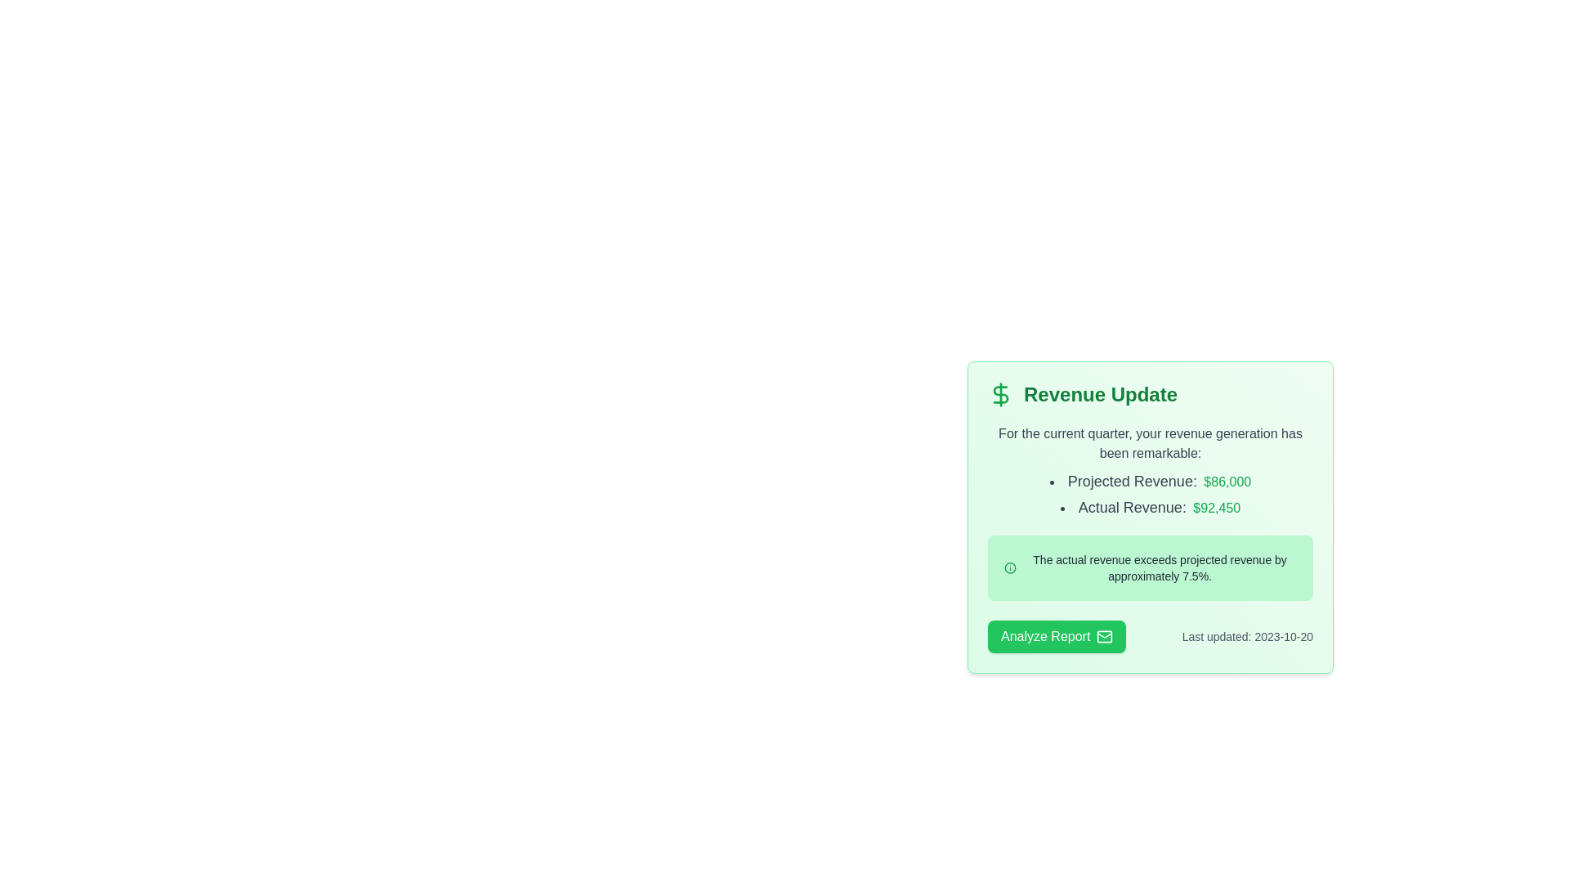 This screenshot has height=883, width=1569. I want to click on the button displaying 'Analyze Report' in white text on a green background, located at the bottom of the revenue update card, so click(1044, 636).